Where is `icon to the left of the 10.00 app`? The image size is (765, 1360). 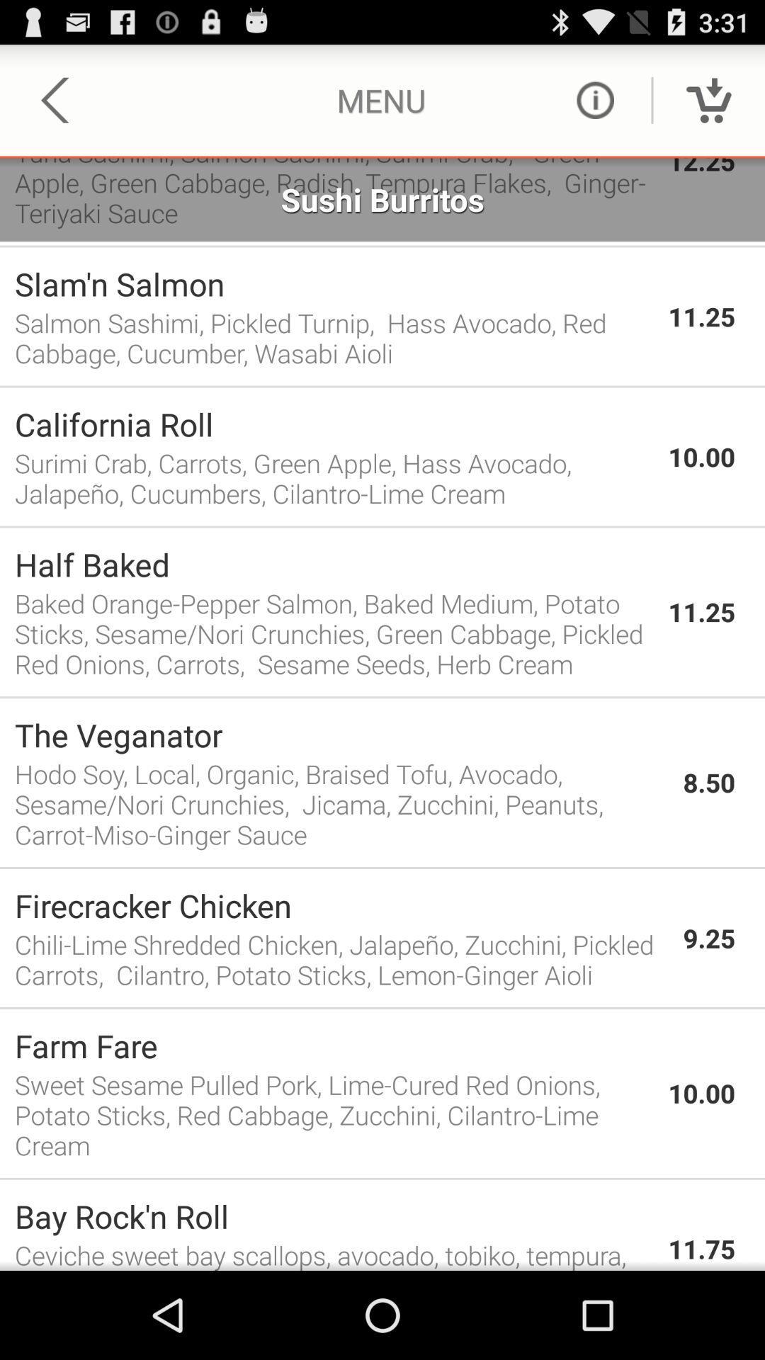 icon to the left of the 10.00 app is located at coordinates (334, 423).